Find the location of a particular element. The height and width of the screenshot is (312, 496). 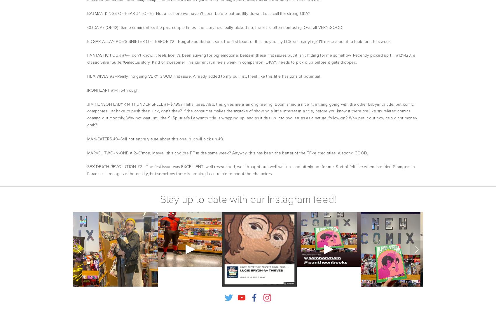

'MAN-EATERS #3--Still not entirely sure about this one, but will pick up #3.' is located at coordinates (155, 138).